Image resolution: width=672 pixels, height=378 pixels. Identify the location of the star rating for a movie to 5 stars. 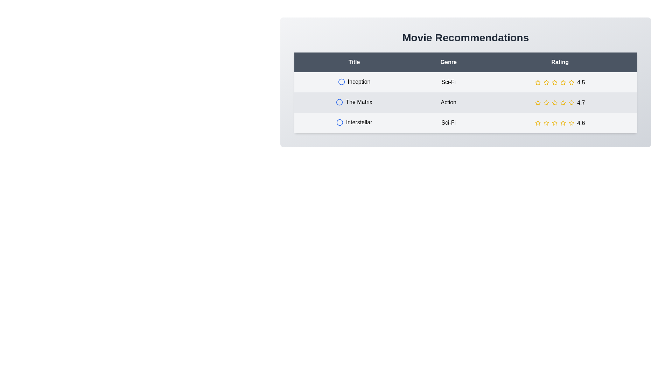
(571, 82).